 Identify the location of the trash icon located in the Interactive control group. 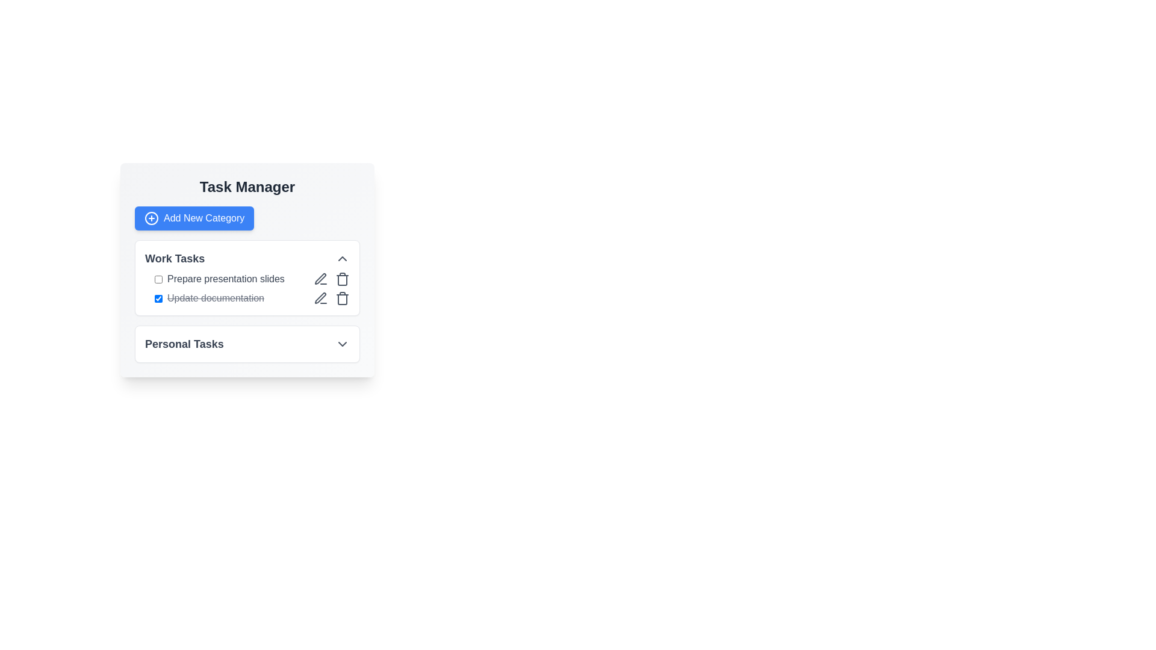
(332, 298).